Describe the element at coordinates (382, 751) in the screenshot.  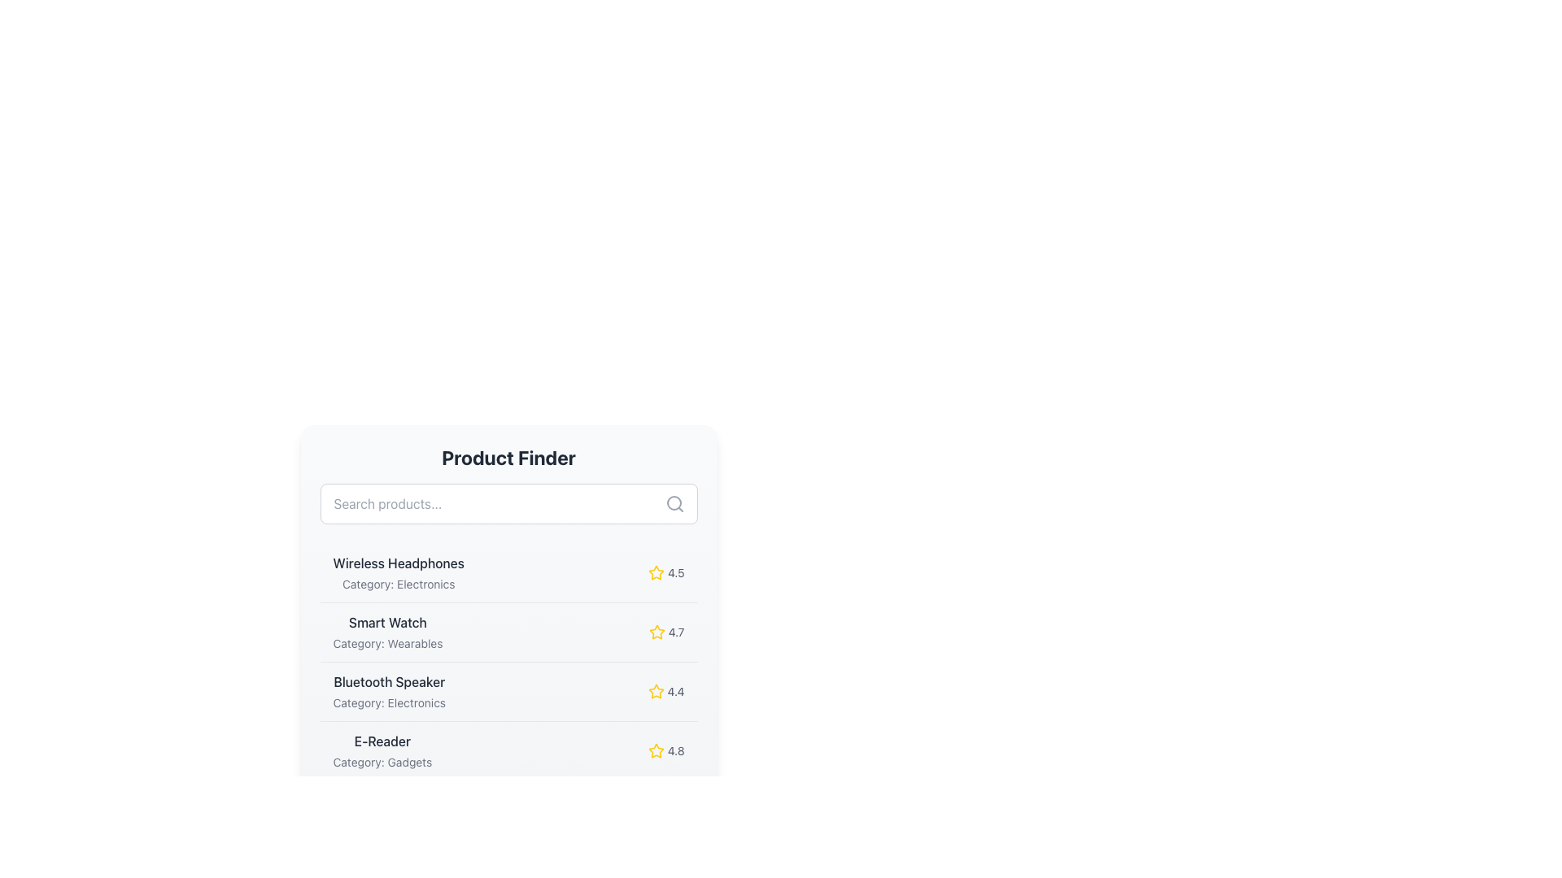
I see `text from the vertically stacked text block displaying 'E-Reader' and 'Category: Gadgets', identified as the fourth item in the list of similar product entries` at that location.